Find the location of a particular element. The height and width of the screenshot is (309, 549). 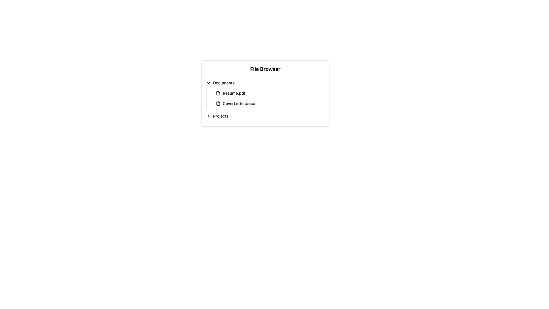

the appearance of the minimalist file icon located to the left of 'Resume.pdf' in the 'Documents' section of the file browser is located at coordinates (218, 93).